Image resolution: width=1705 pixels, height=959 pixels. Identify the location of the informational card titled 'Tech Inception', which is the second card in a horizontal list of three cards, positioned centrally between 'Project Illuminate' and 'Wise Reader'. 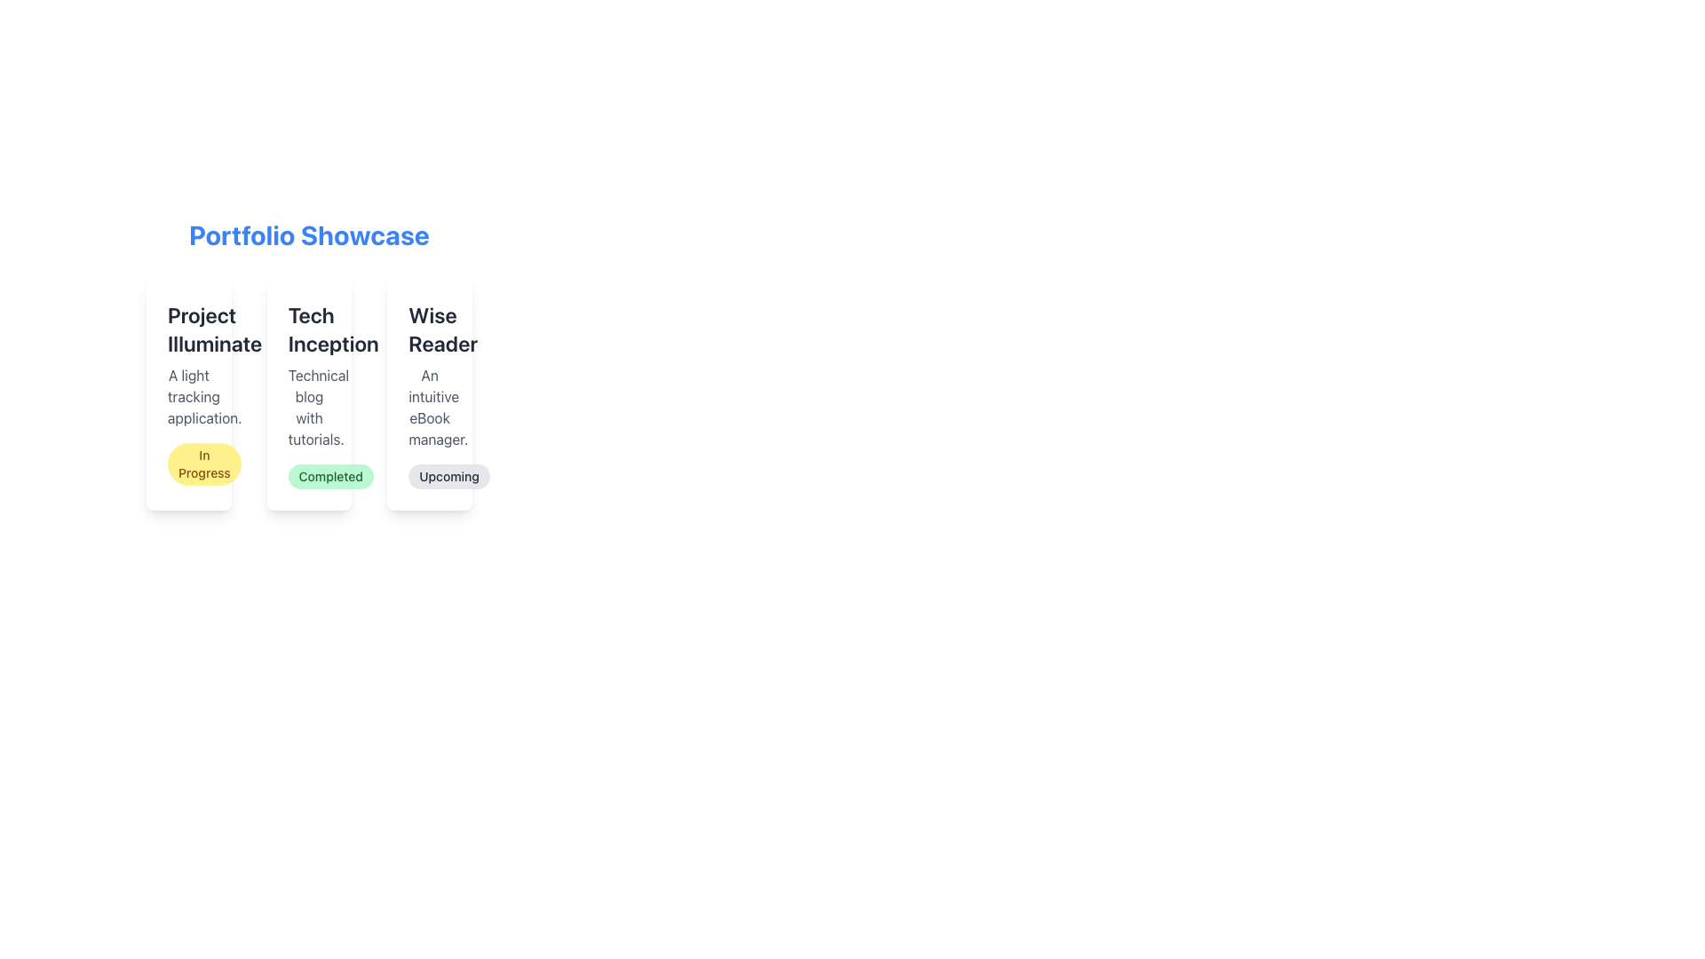
(309, 393).